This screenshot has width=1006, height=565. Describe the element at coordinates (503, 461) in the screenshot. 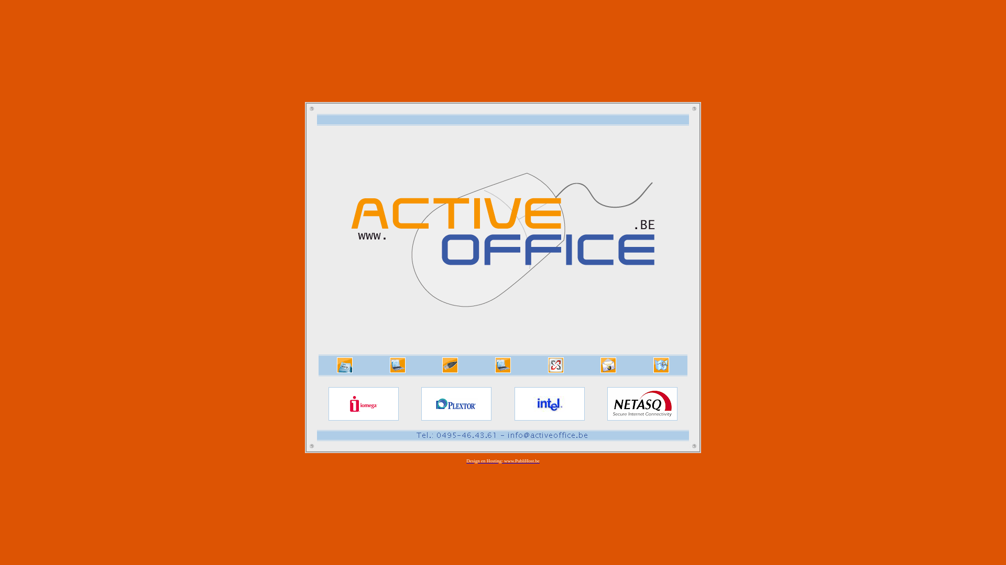

I see `'Design en Hosting: www.PubliHost.be'` at that location.